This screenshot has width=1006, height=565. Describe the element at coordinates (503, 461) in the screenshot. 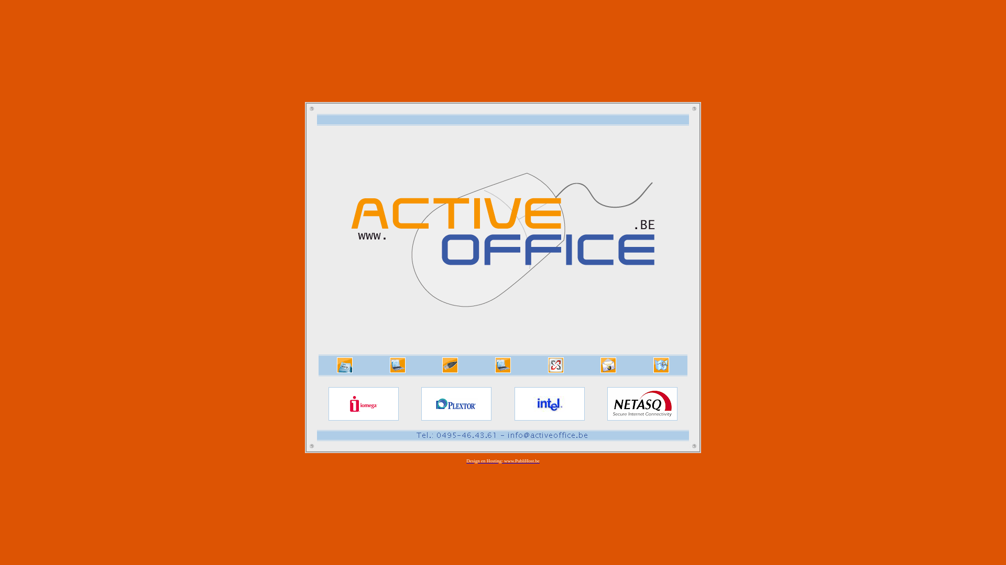

I see `'Design en Hosting: www.PubliHost.be'` at that location.